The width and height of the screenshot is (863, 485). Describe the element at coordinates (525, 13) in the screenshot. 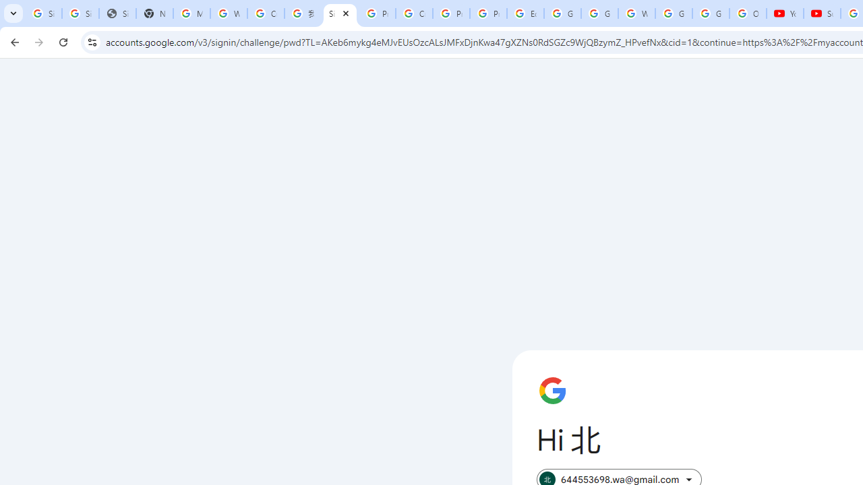

I see `'Edit and view right-to-left text - Google Docs Editors Help'` at that location.